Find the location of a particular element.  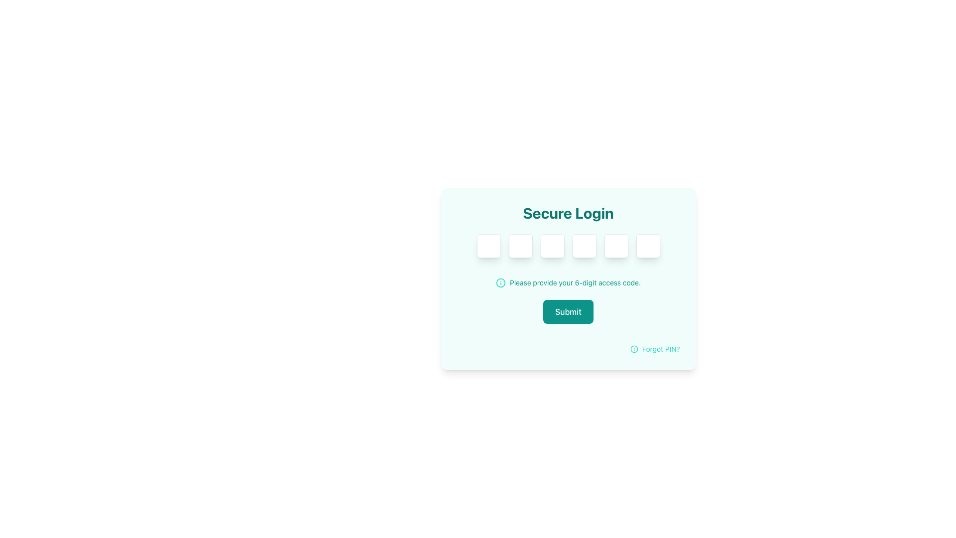

the circular icon with a teal outline that represents an information symbol, located to the left of the text 'Please provide your 6-digit access code.' is located at coordinates (501, 282).